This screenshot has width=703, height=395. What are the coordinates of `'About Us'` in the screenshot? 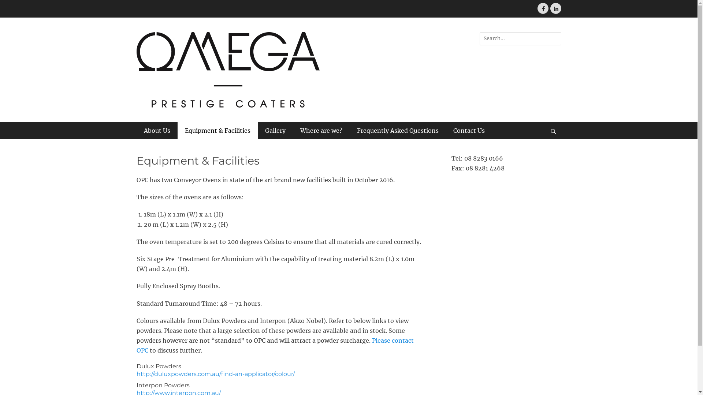 It's located at (156, 130).